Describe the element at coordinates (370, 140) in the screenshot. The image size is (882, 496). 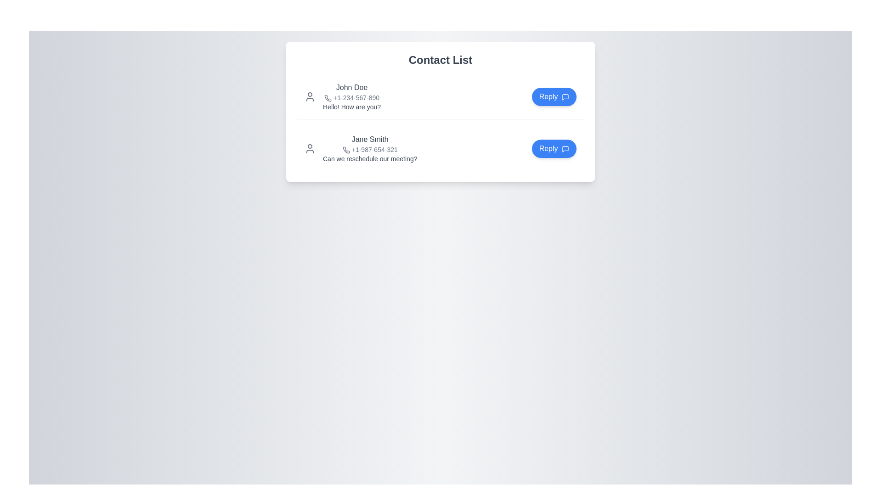
I see `the text label displaying the name of the contact in the second entry of the contact list, positioned above the phone number and message content, and aligned to the left of the 'Reply' button` at that location.